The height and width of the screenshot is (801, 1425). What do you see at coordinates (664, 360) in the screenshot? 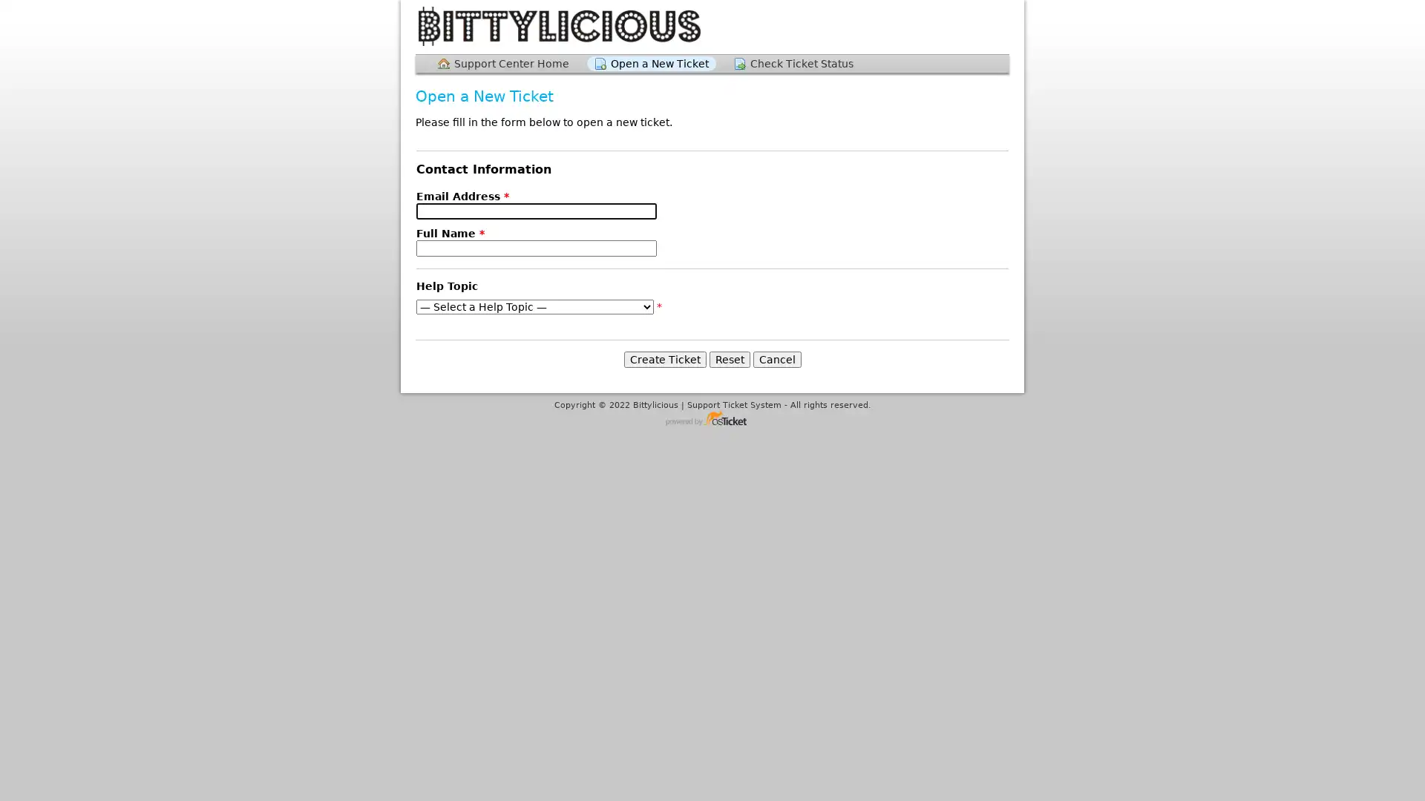
I see `Create Ticket` at bounding box center [664, 360].